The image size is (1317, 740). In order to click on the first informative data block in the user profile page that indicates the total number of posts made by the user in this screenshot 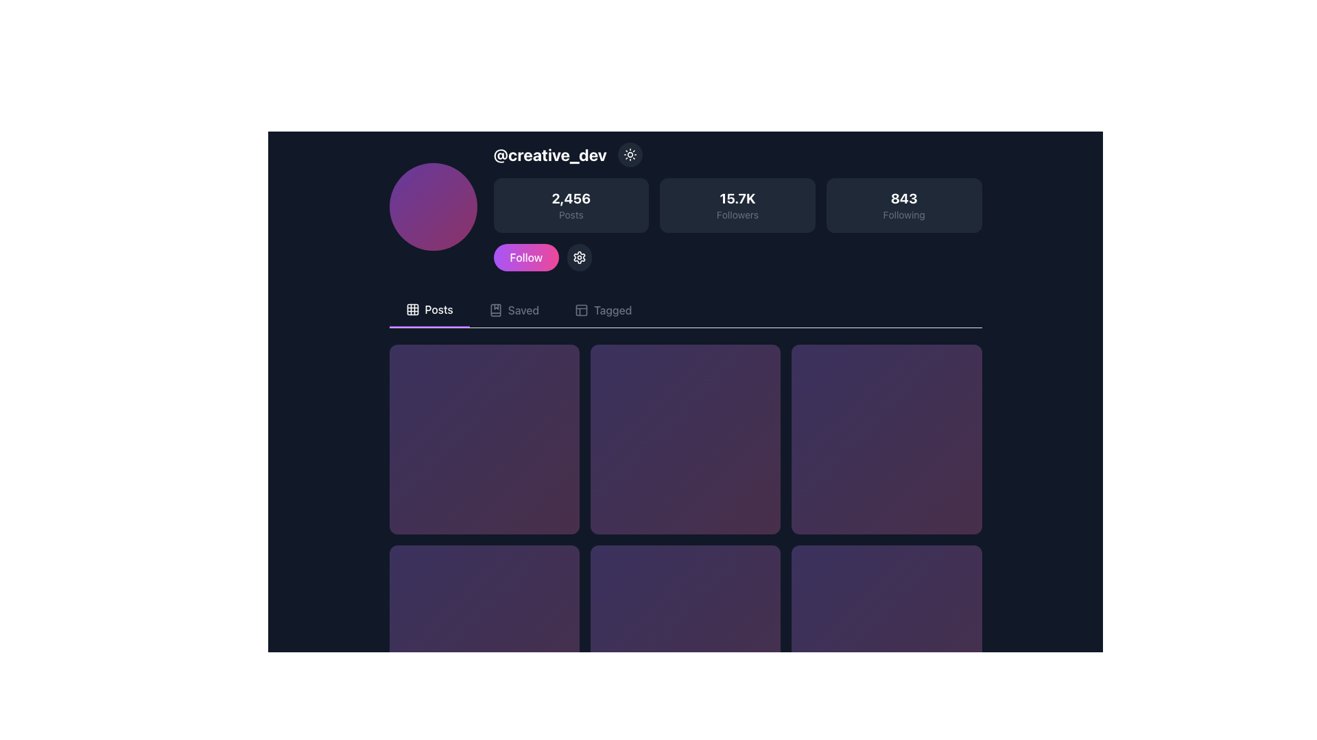, I will do `click(571, 206)`.